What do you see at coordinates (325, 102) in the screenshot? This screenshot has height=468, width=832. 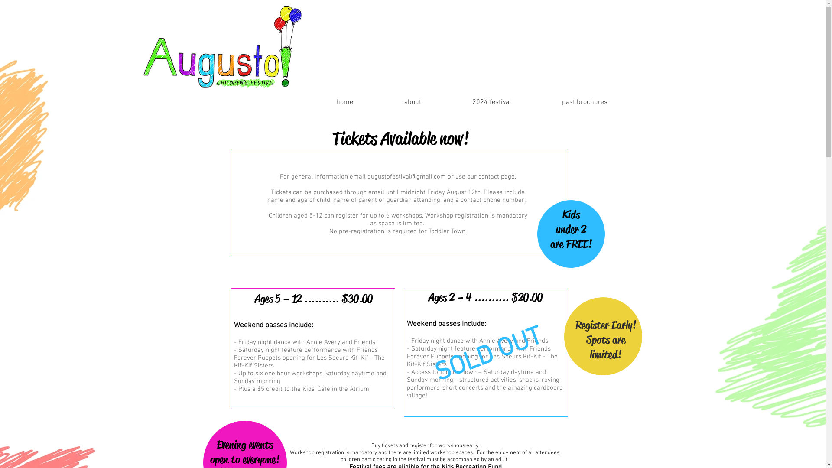 I see `'home'` at bounding box center [325, 102].